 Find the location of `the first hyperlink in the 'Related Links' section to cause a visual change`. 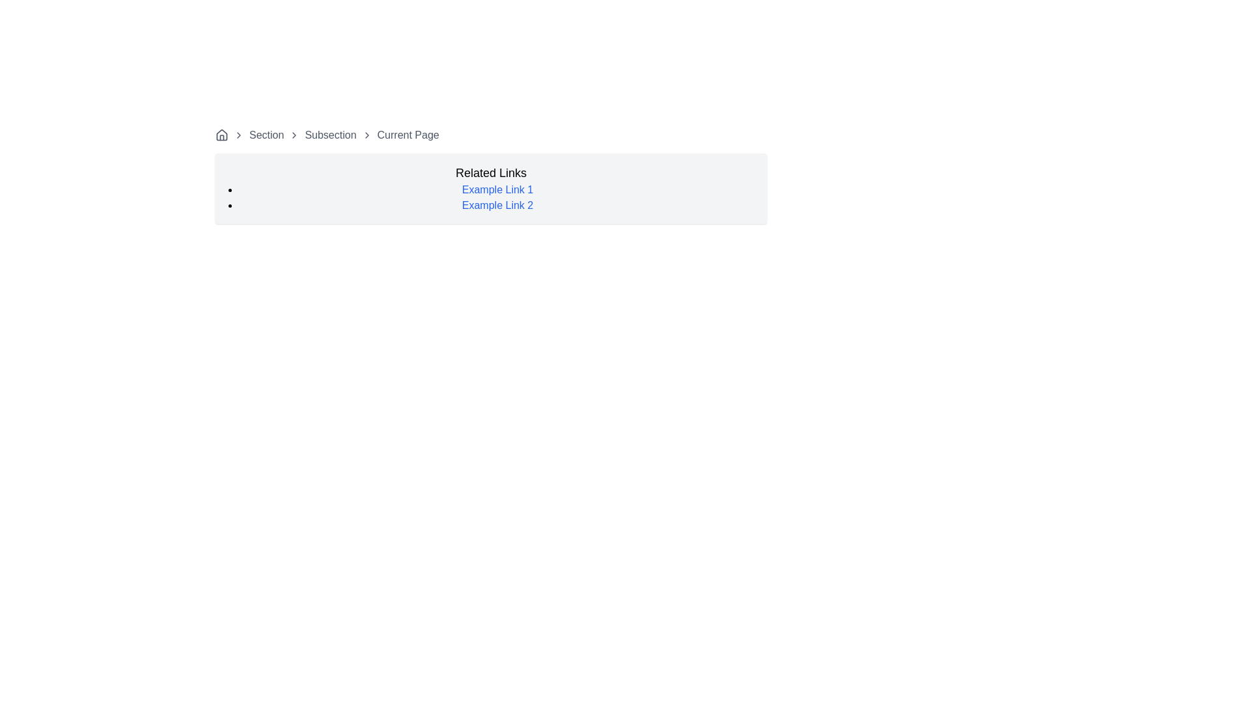

the first hyperlink in the 'Related Links' section to cause a visual change is located at coordinates (497, 190).